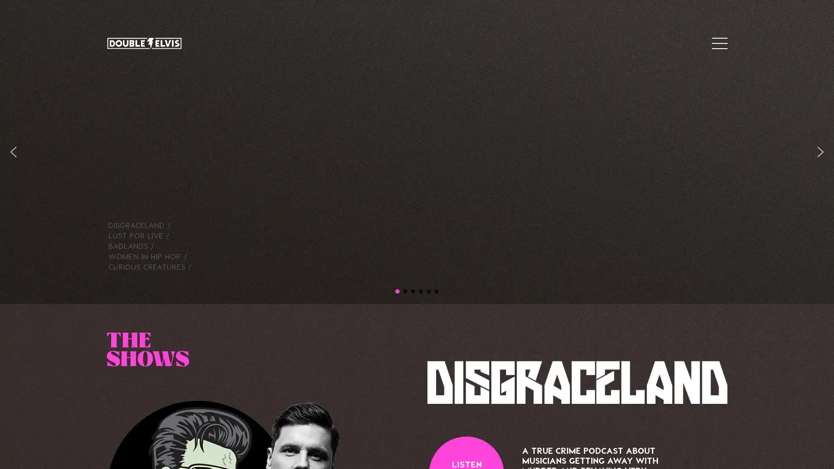  What do you see at coordinates (526, 167) in the screenshot?
I see `Close` at bounding box center [526, 167].